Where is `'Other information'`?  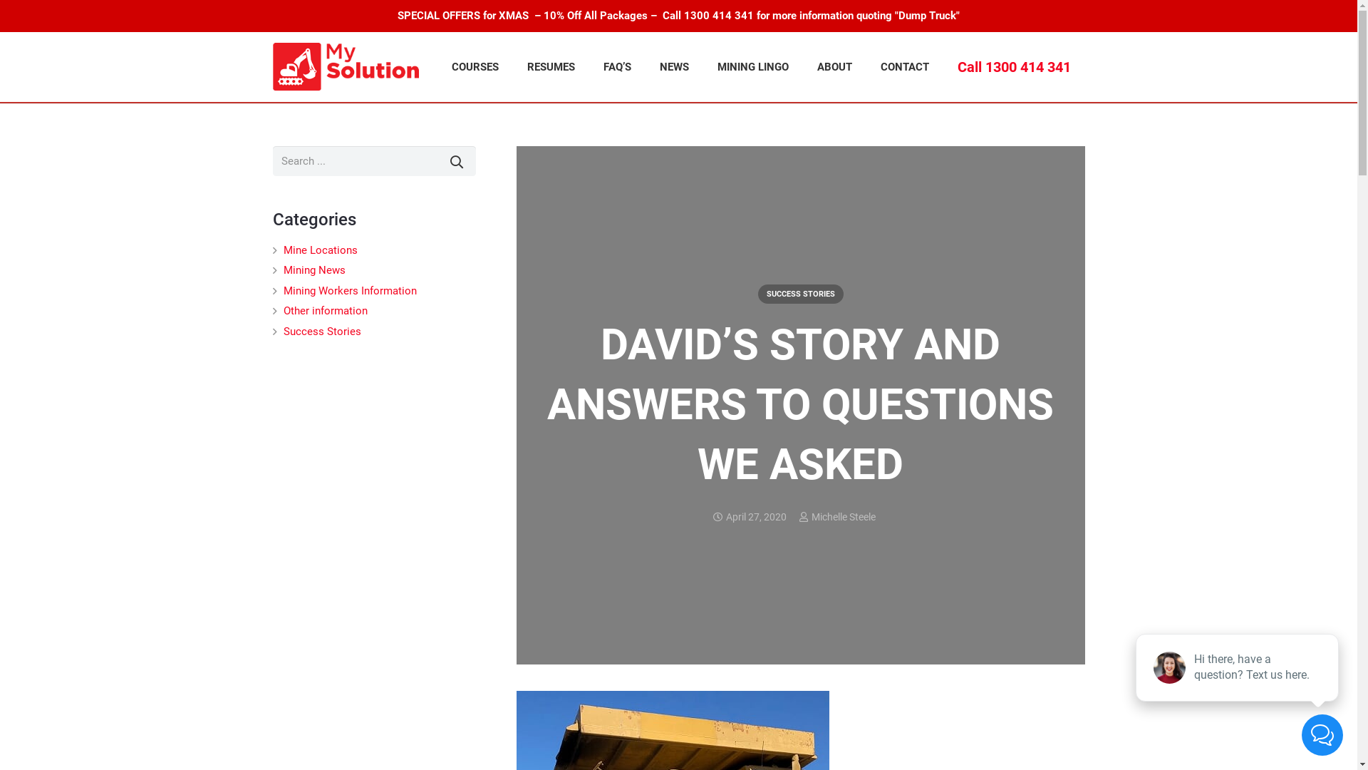 'Other information' is located at coordinates (324, 309).